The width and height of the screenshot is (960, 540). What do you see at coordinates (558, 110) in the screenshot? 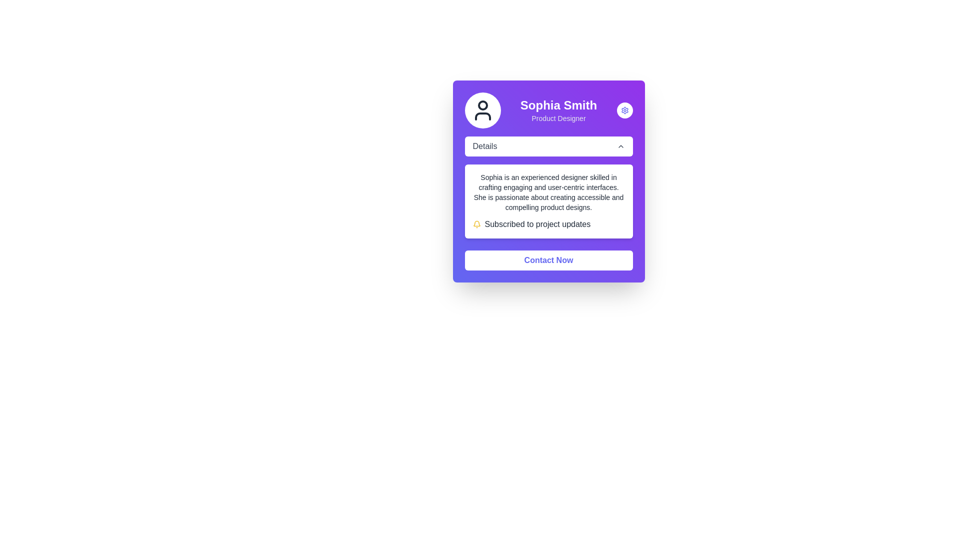
I see `the Text Display element that shows the name 'Sophia Smith' in bold large text and the role 'Product Designer' in smaller text, located on a purple background in the upper part of the card-like structure` at bounding box center [558, 110].